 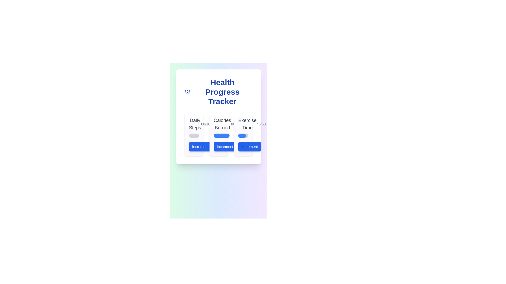 What do you see at coordinates (218, 135) in the screenshot?
I see `the progress bar that visually displays the user's progress towards the calorie goal, located within the 'Calories Burned' card, below the text 'Calories Burned' and above the 'Increment' button` at bounding box center [218, 135].